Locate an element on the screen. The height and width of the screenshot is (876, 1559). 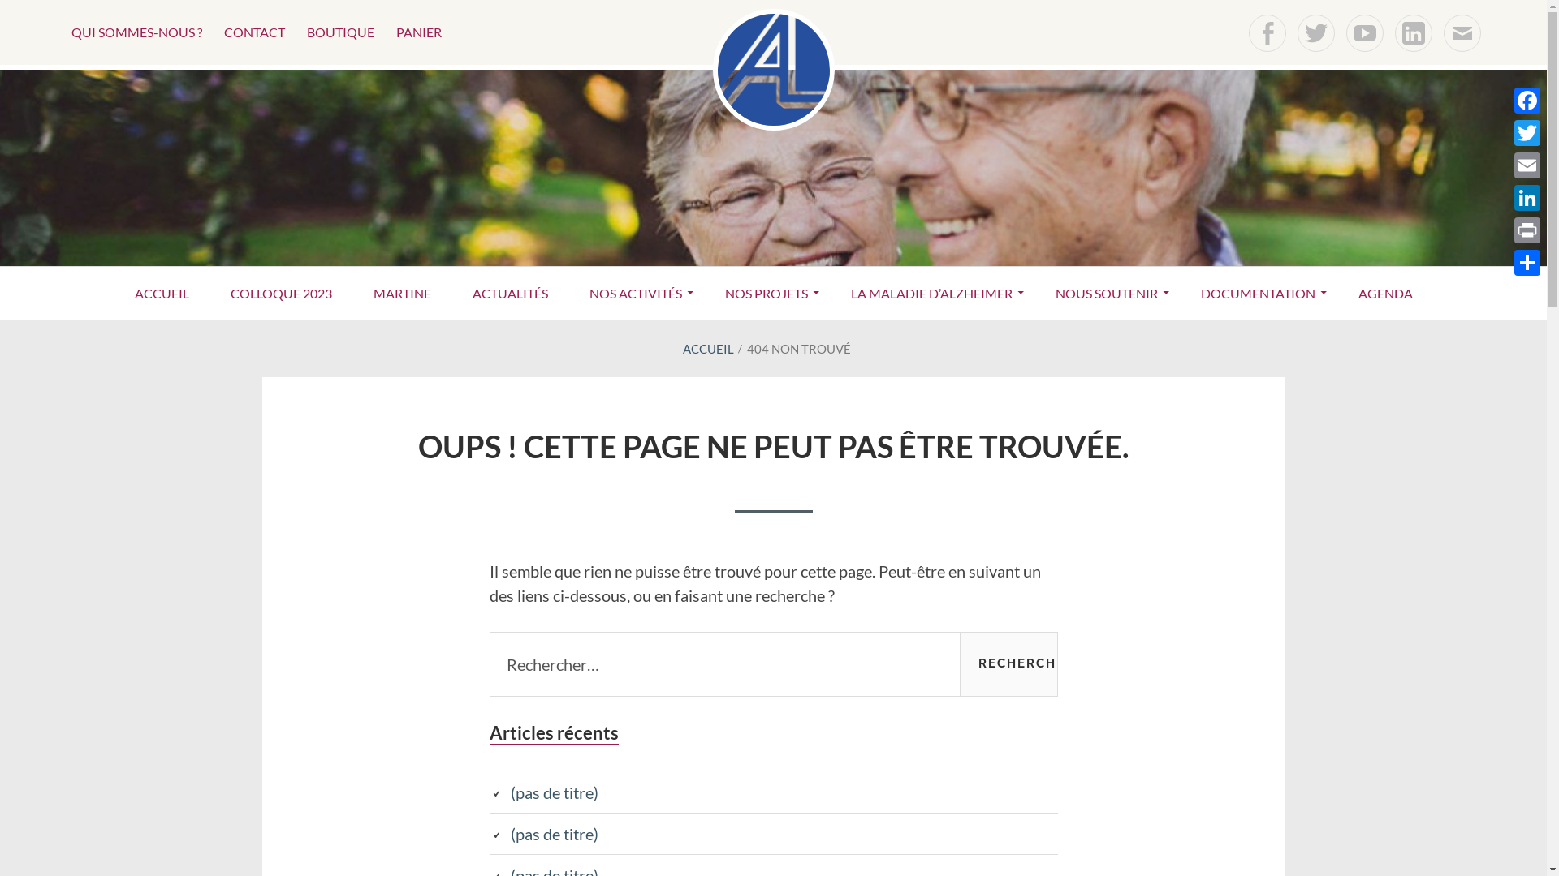
'QUI SOMMES-NOUS ?' is located at coordinates (136, 32).